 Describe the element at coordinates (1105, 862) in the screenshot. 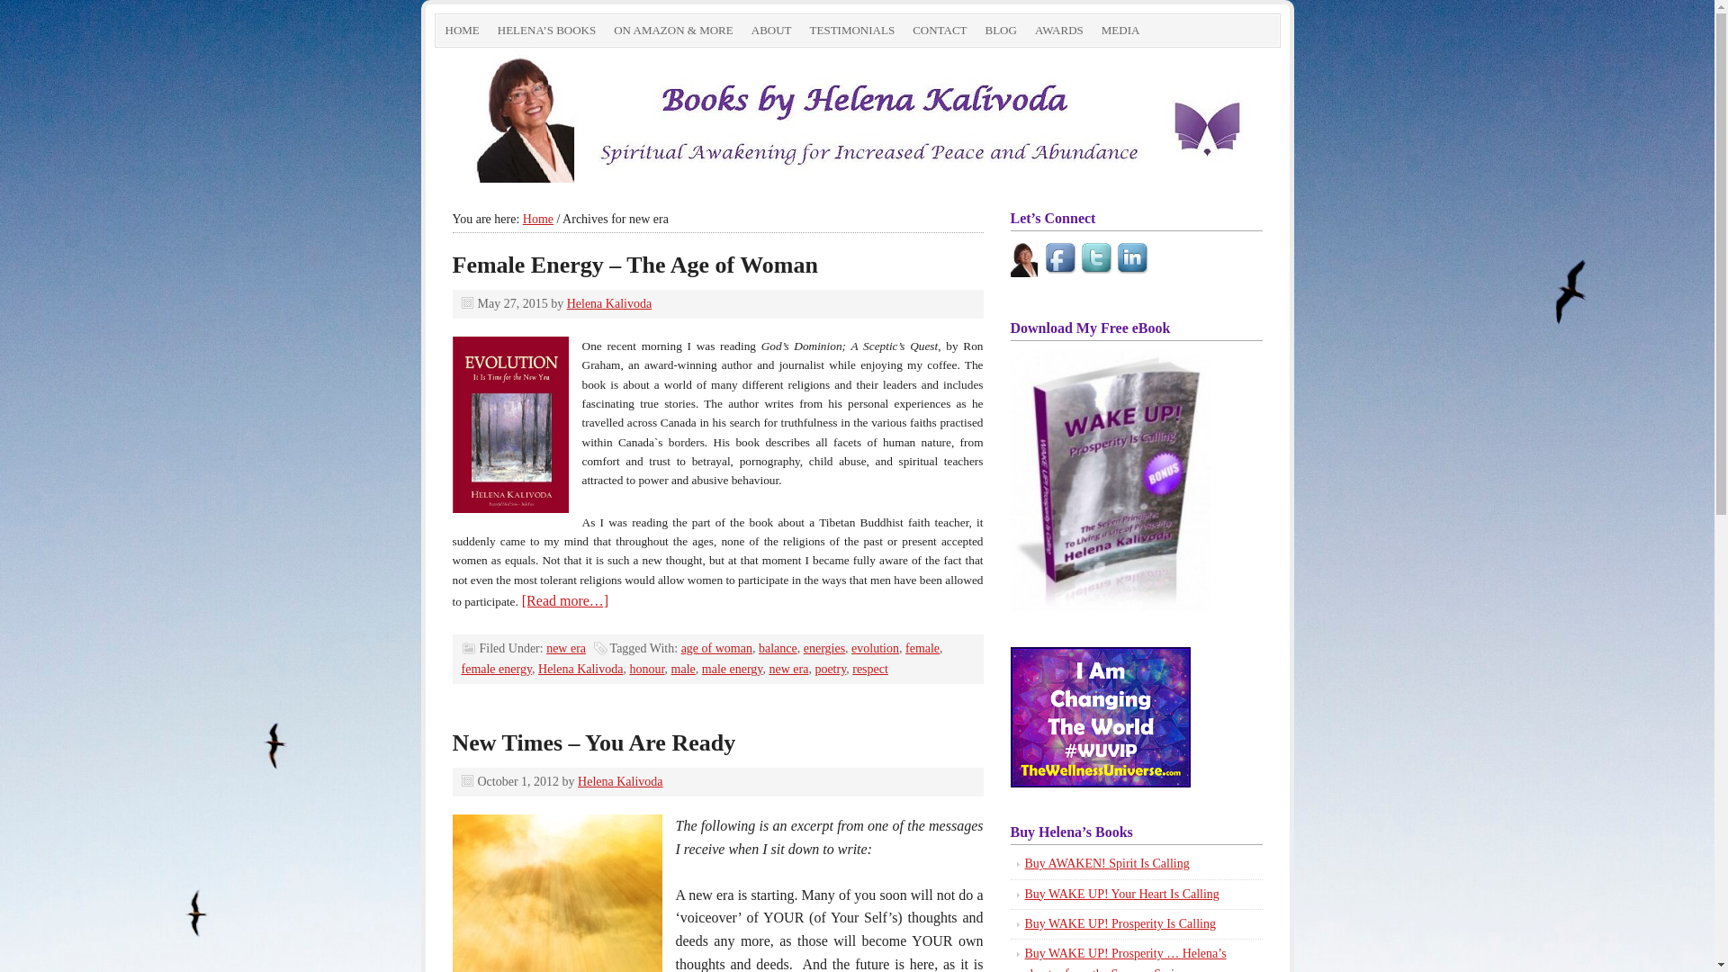

I see `'Buy AWAKEN! Spirit Is Calling'` at that location.